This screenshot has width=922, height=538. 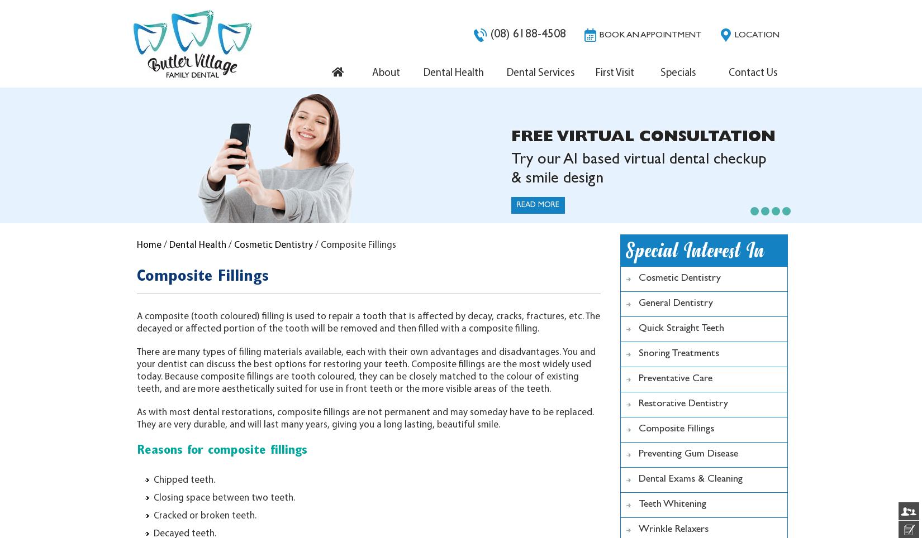 I want to click on 'Preventing Gum Disease', so click(x=638, y=454).